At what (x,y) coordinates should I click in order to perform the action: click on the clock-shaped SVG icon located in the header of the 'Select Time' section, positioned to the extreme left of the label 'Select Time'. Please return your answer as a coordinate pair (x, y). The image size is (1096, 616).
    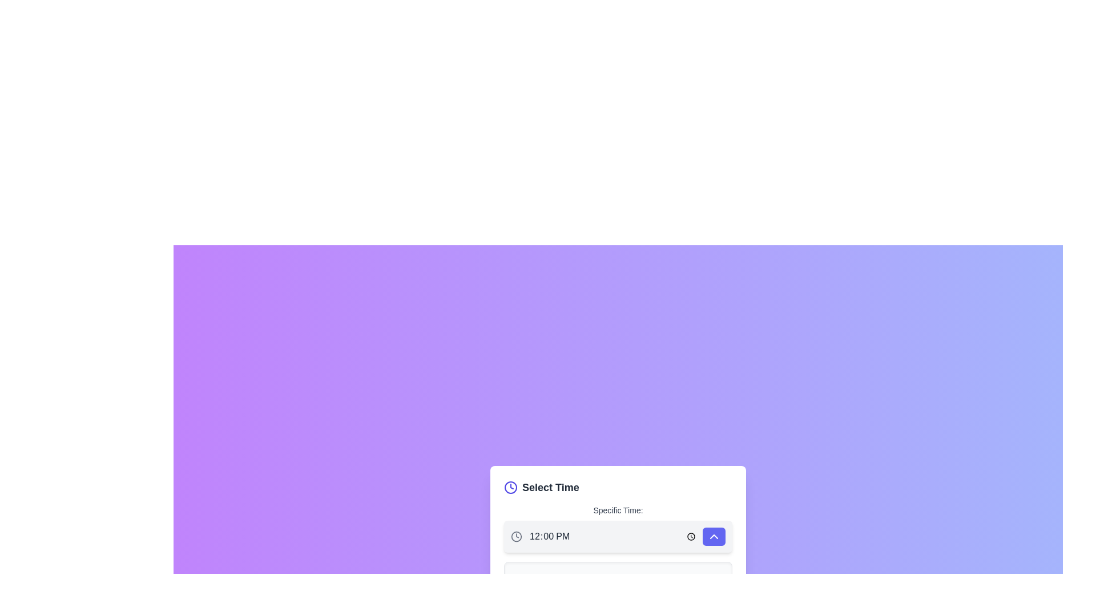
    Looking at the image, I should click on (510, 488).